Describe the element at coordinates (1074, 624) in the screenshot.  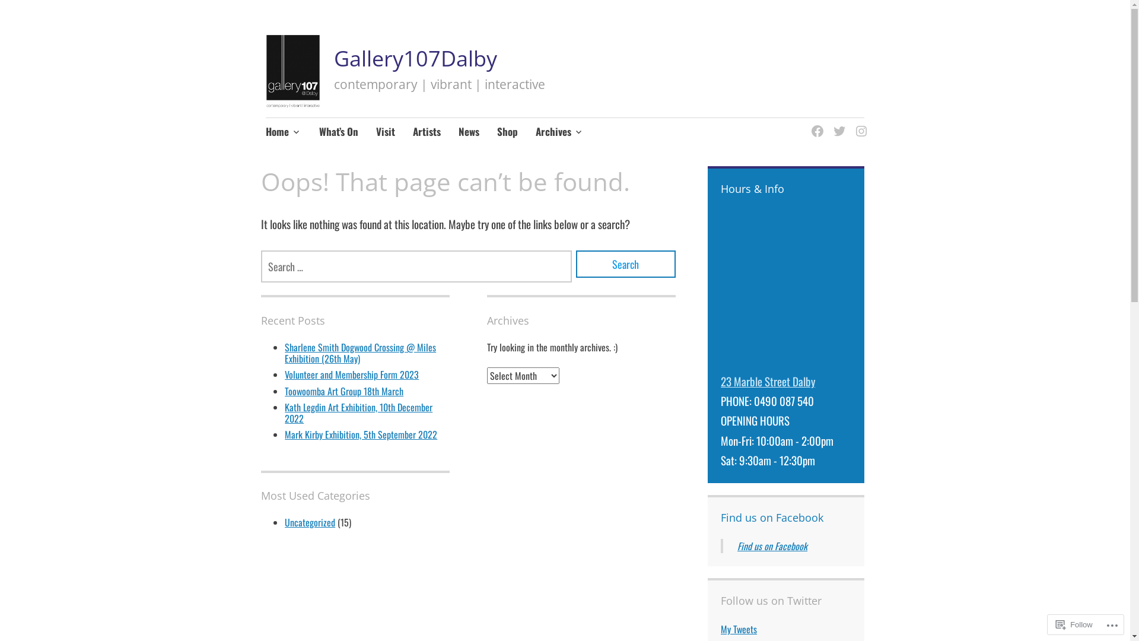
I see `'Follow'` at that location.